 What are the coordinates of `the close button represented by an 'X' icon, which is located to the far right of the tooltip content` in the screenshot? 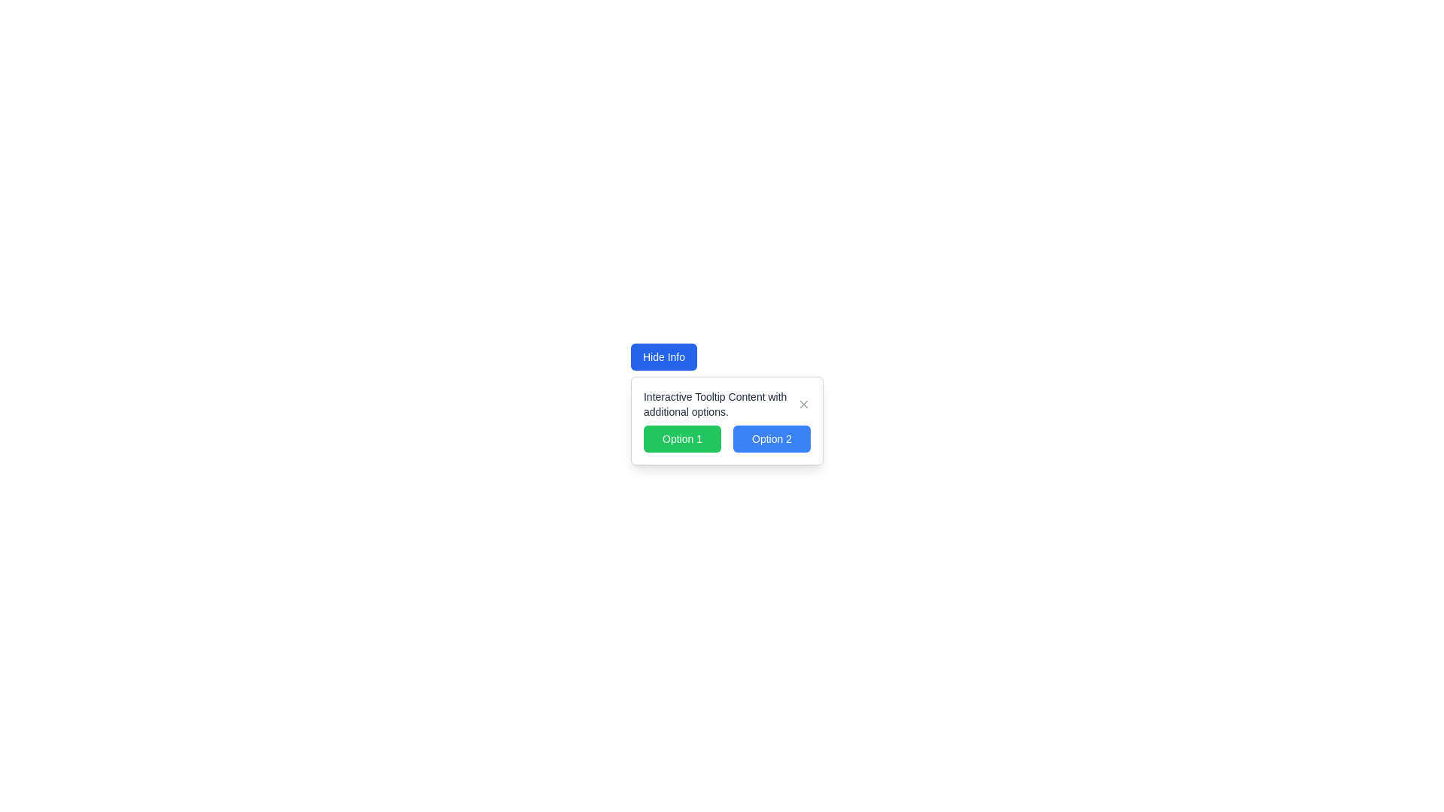 It's located at (803, 403).